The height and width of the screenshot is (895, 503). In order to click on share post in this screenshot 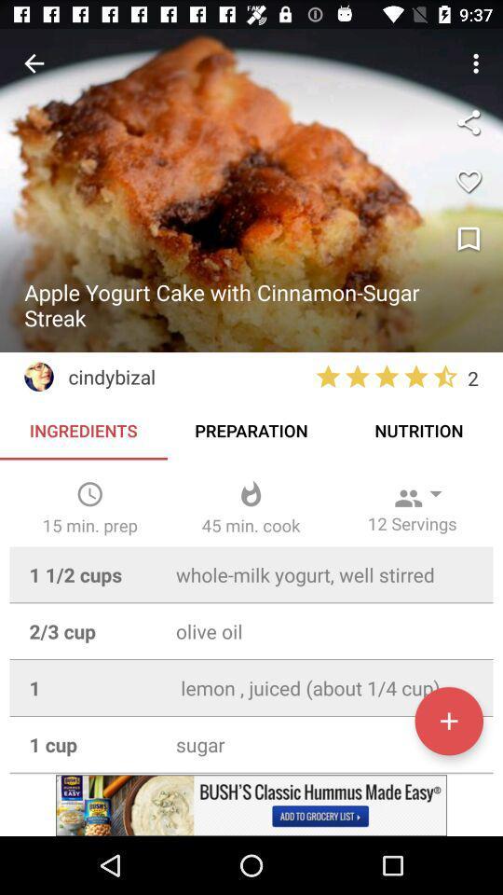, I will do `click(468, 121)`.